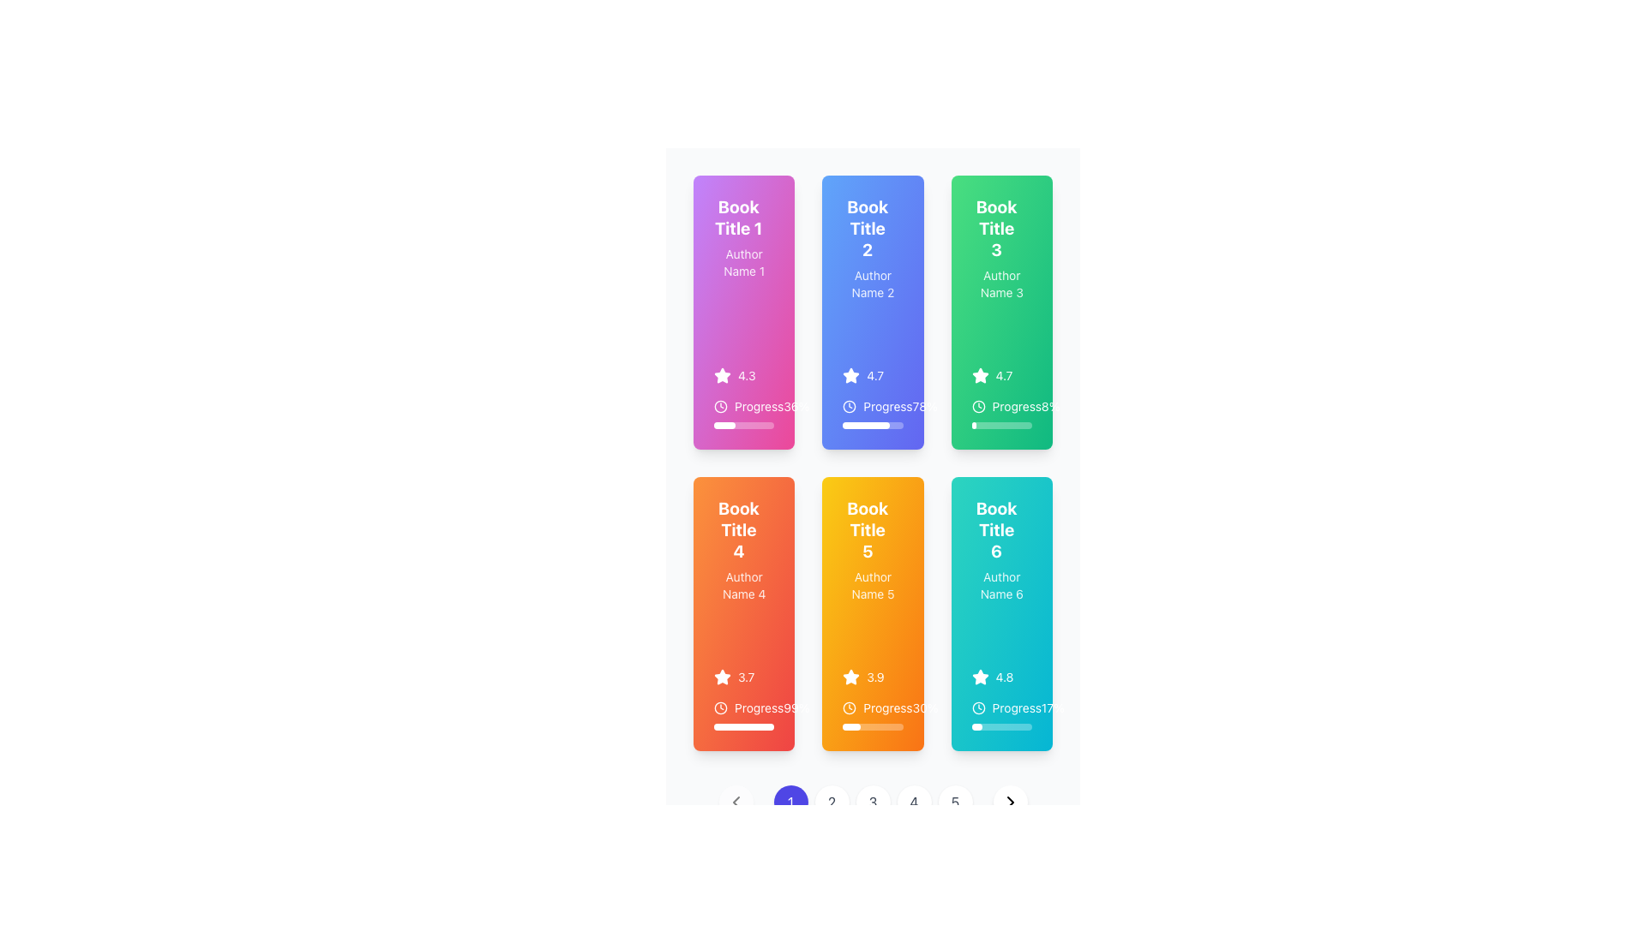 The image size is (1646, 925). I want to click on the rating value text '4.7' that represents the evaluation for 'Book Title 3', which is positioned to the right of the star icon in the third card of the grid layout, so click(875, 375).